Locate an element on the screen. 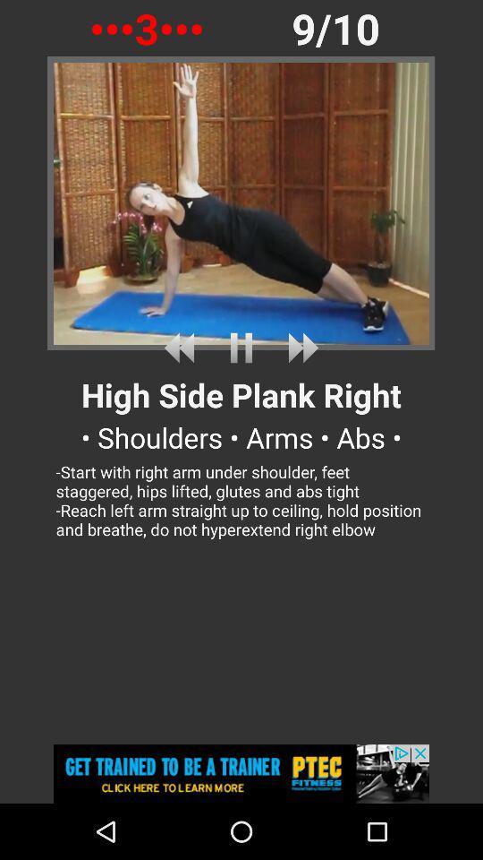  previous is located at coordinates (182, 347).